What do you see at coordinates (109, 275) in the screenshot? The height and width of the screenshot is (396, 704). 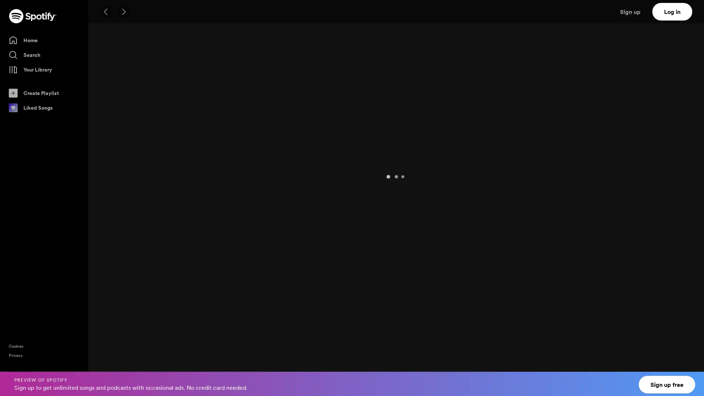 I see `Play Half Moon Mornings by Curren$y, The Alchemist` at bounding box center [109, 275].